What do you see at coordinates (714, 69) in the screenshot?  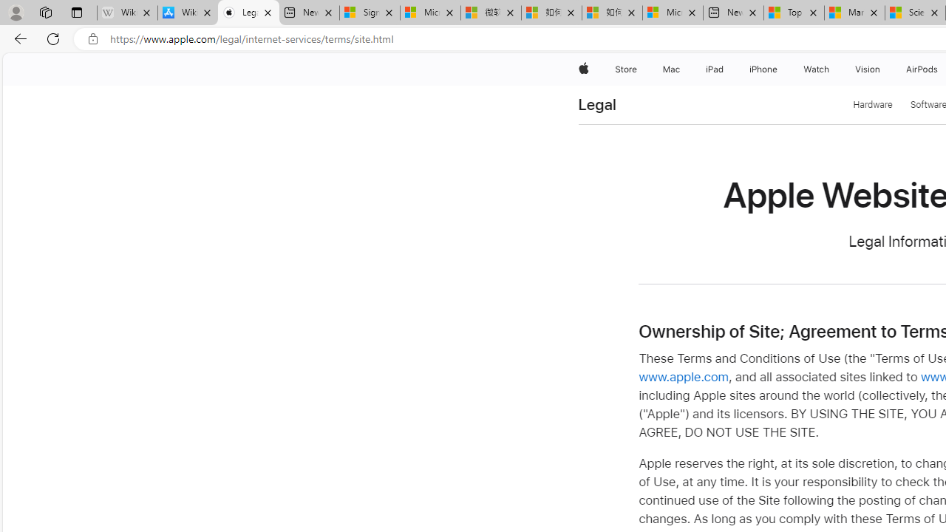 I see `'iPad'` at bounding box center [714, 69].